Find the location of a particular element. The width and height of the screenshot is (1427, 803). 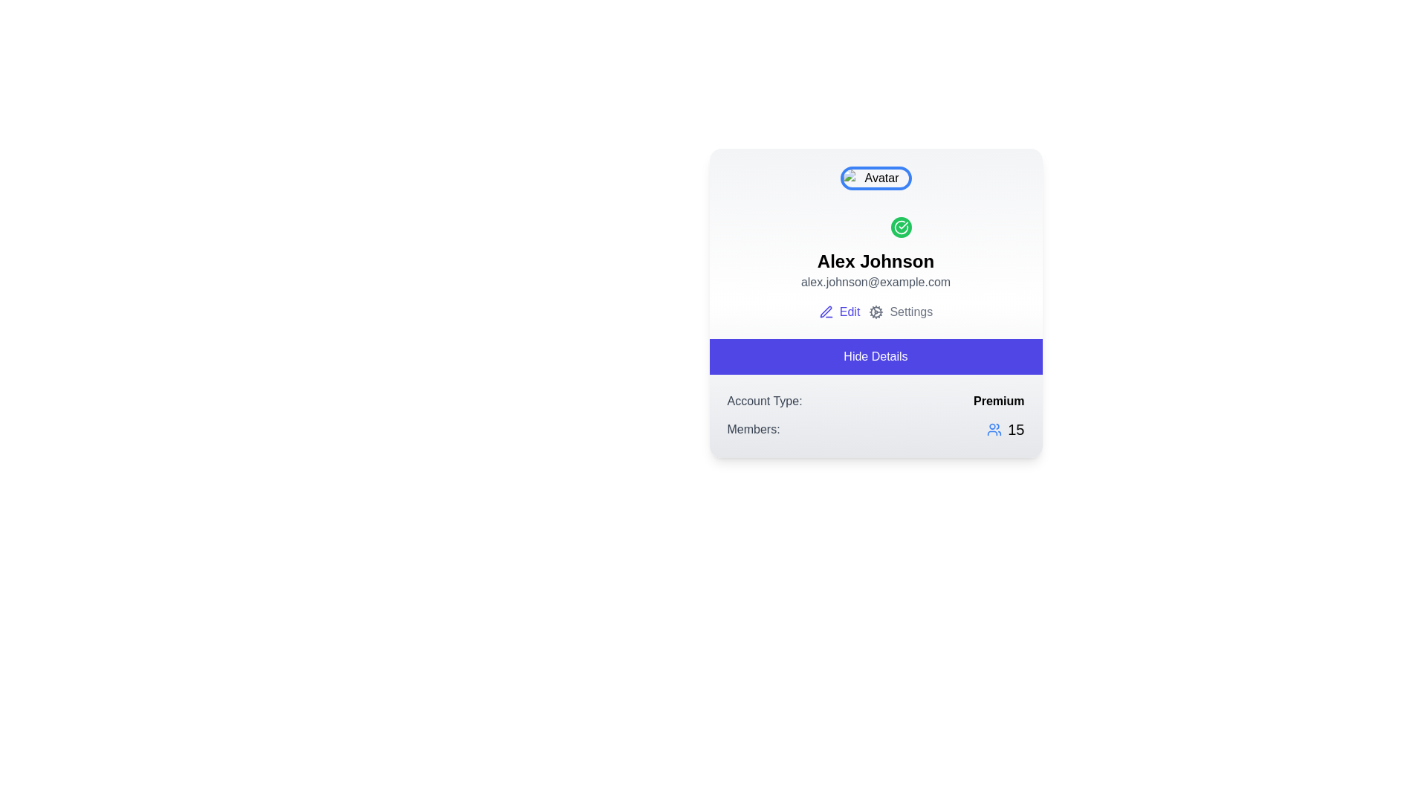

the 'Edit' button located below the user details 'Alex Johnson' and above the 'Hide Details' button in the user profile card is located at coordinates (839, 312).